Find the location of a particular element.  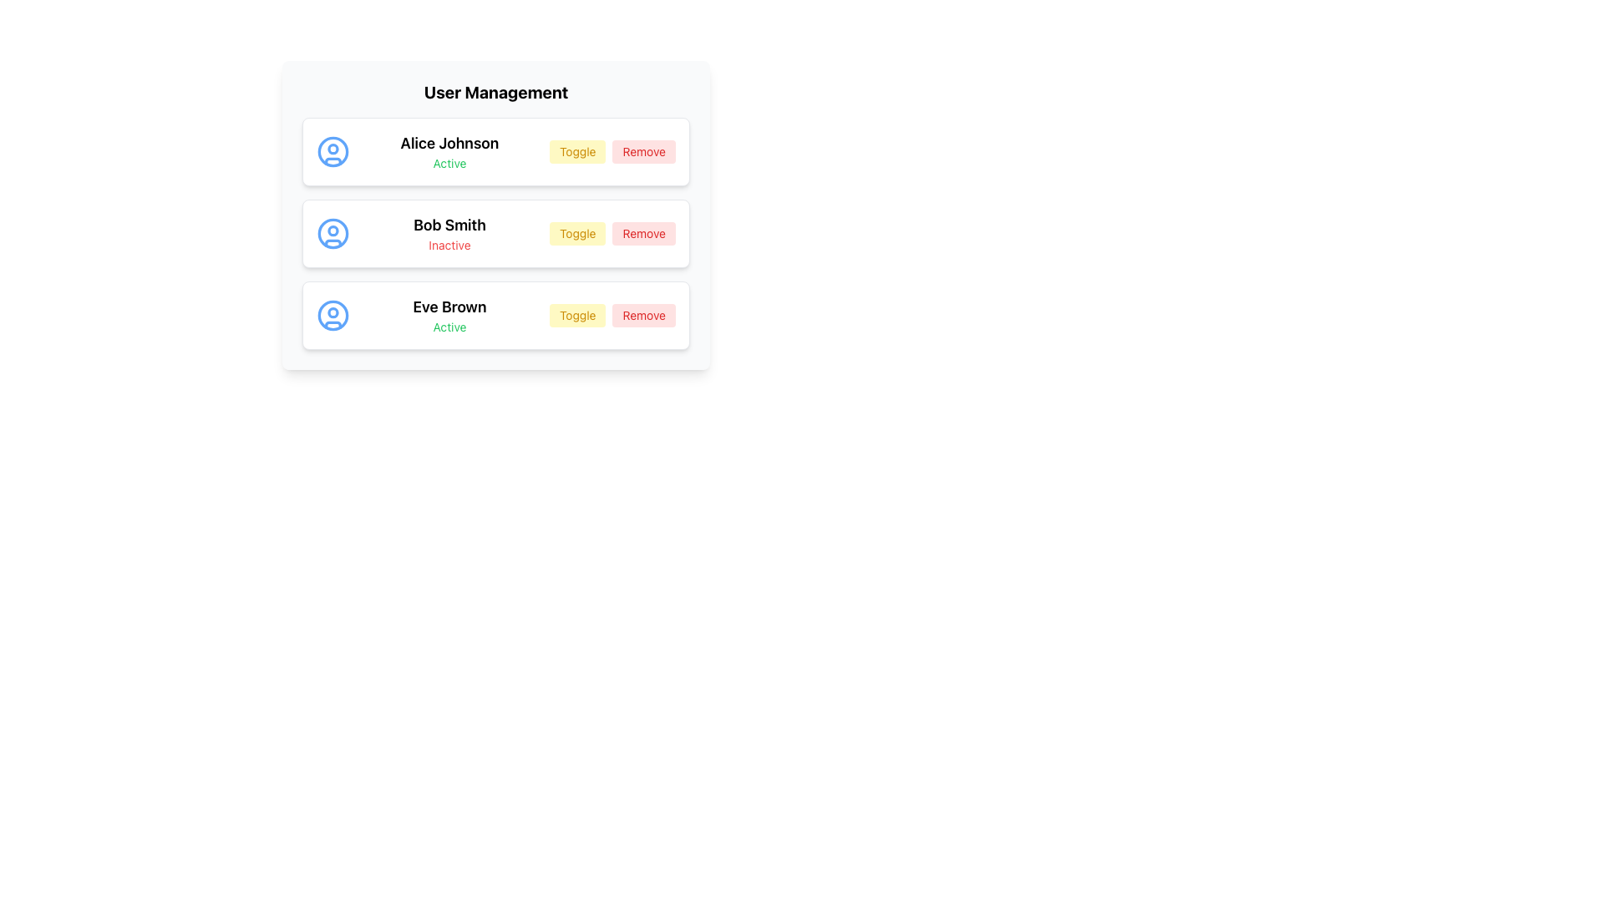

the static text indicating that user 'Bob Smith' is currently inactive, located below the 'Bob Smith' text and adjacent to the 'Toggle' and 'Remove' buttons is located at coordinates (449, 245).